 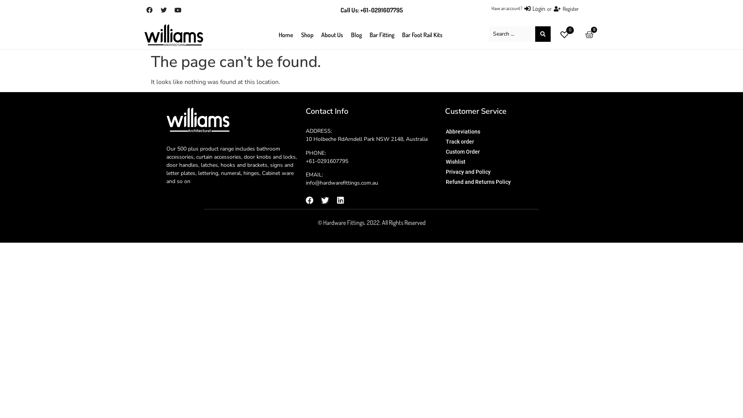 I want to click on 'Bar Foot Rail Kits', so click(x=422, y=34).